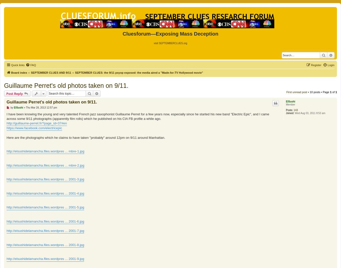 Image resolution: width=341 pixels, height=268 pixels. What do you see at coordinates (45, 193) in the screenshot?
I see `'http://elsushidelamancha.files.wordpres ... 2001-4.jpg'` at bounding box center [45, 193].